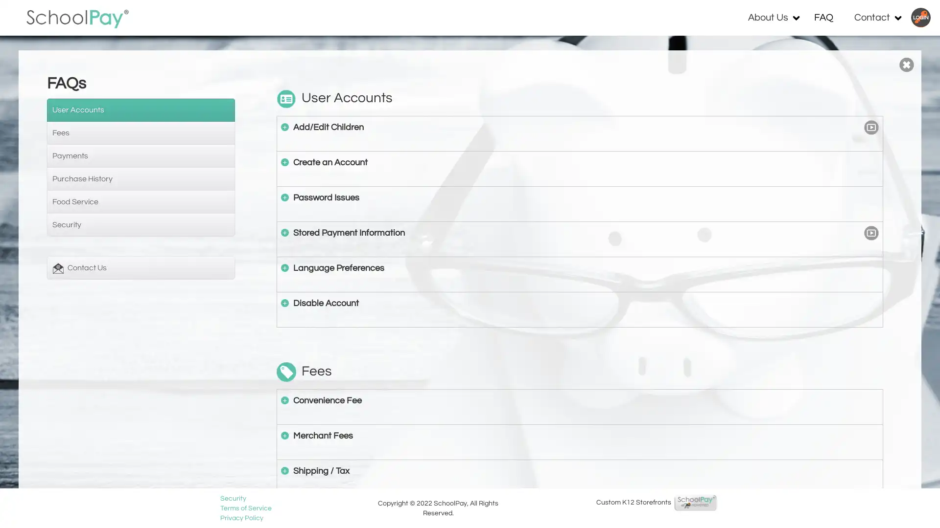  I want to click on Go Back to Login, so click(906, 65).